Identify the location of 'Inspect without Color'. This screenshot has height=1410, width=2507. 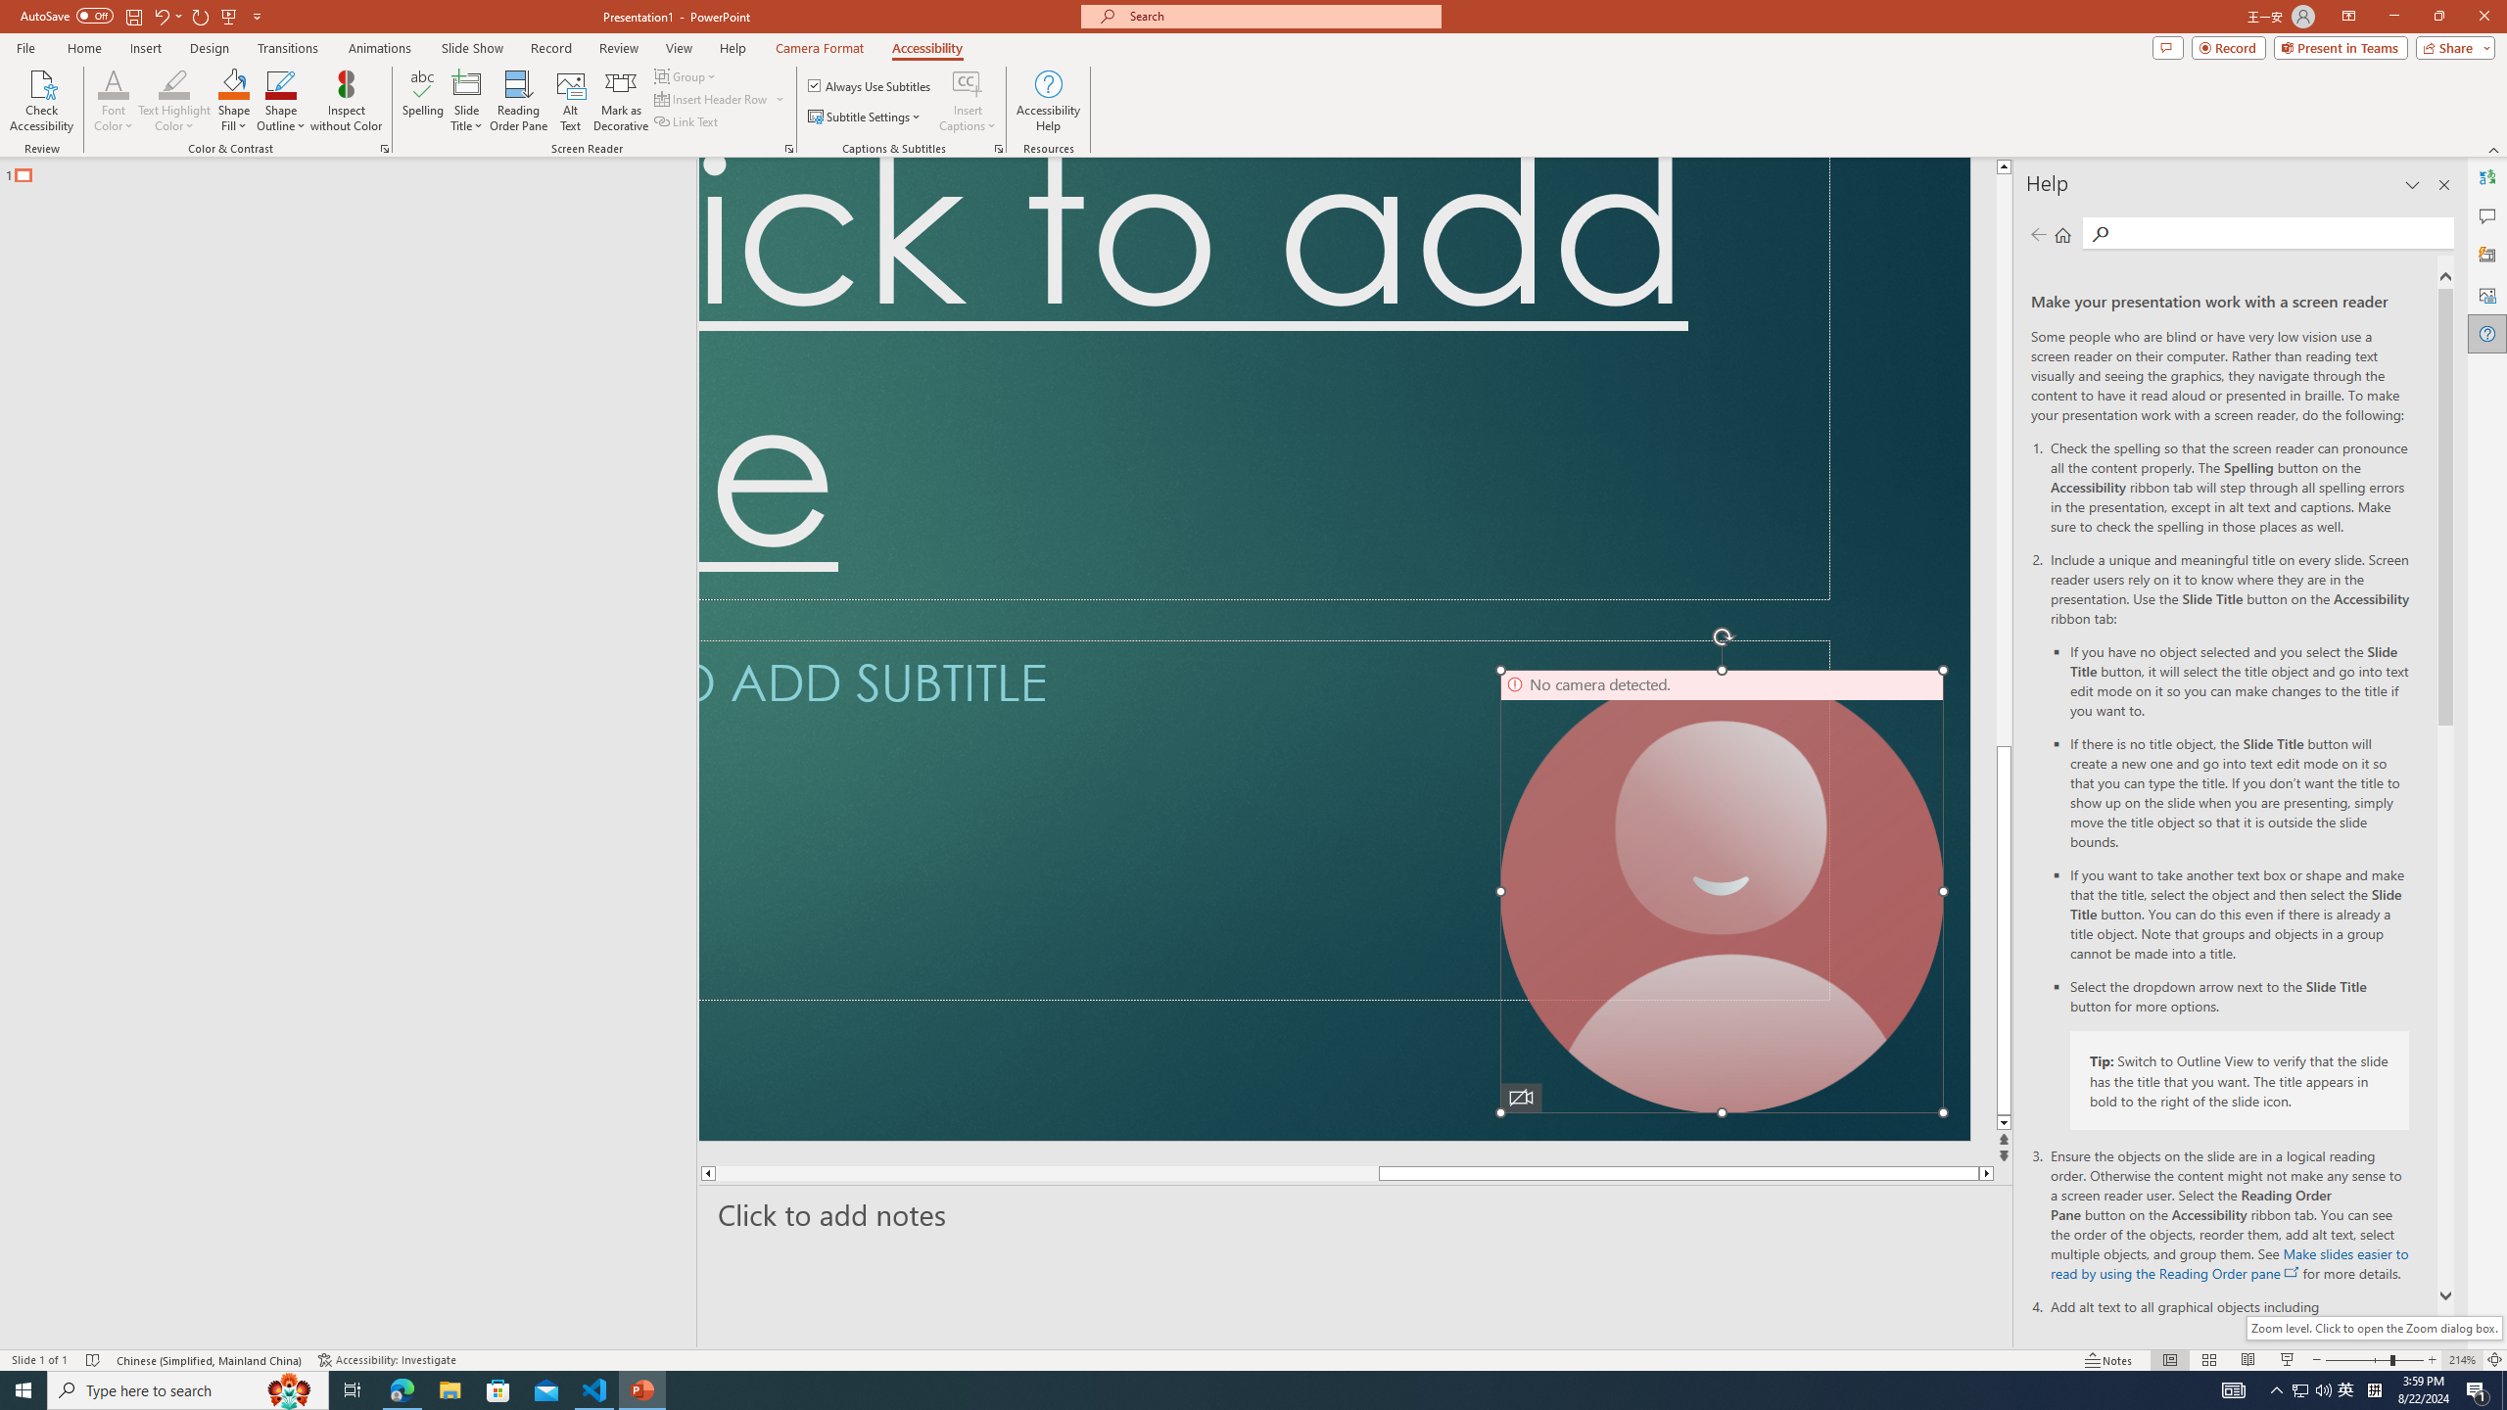
(347, 101).